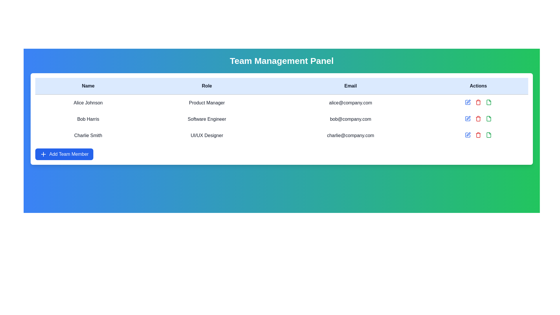 This screenshot has height=315, width=560. What do you see at coordinates (281, 119) in the screenshot?
I see `the contents of the table row displaying 'Bob Harris' as the name, 'Software Engineer' as the role, and 'bob@company.com' as the email to copy` at bounding box center [281, 119].